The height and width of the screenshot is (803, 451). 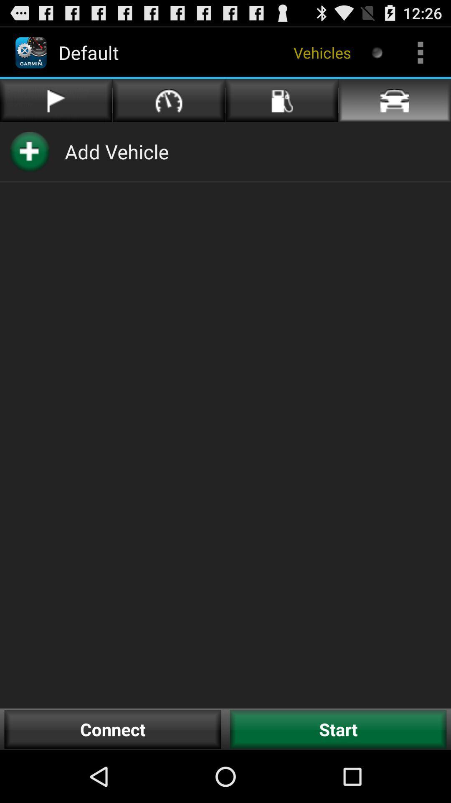 I want to click on the connect item, so click(x=113, y=729).